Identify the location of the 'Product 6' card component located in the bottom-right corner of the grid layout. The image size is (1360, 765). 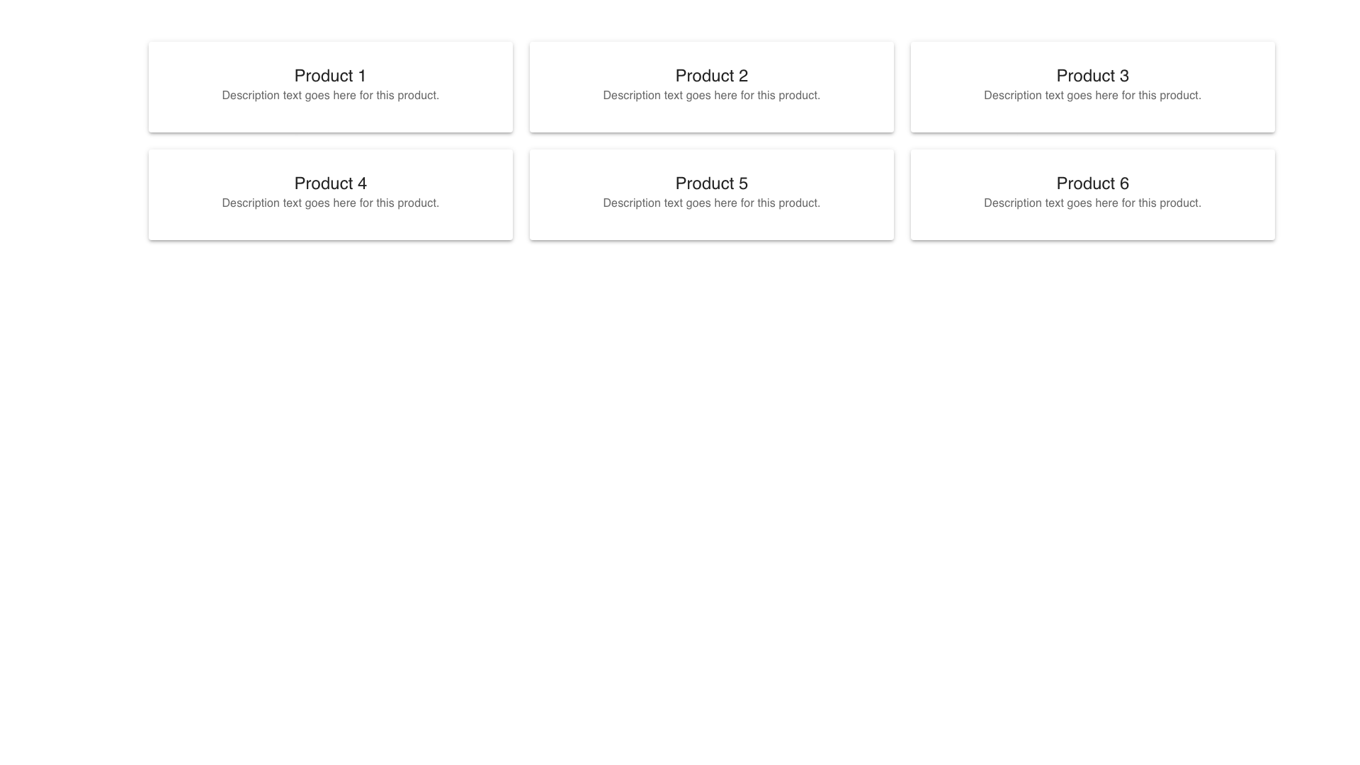
(1084, 185).